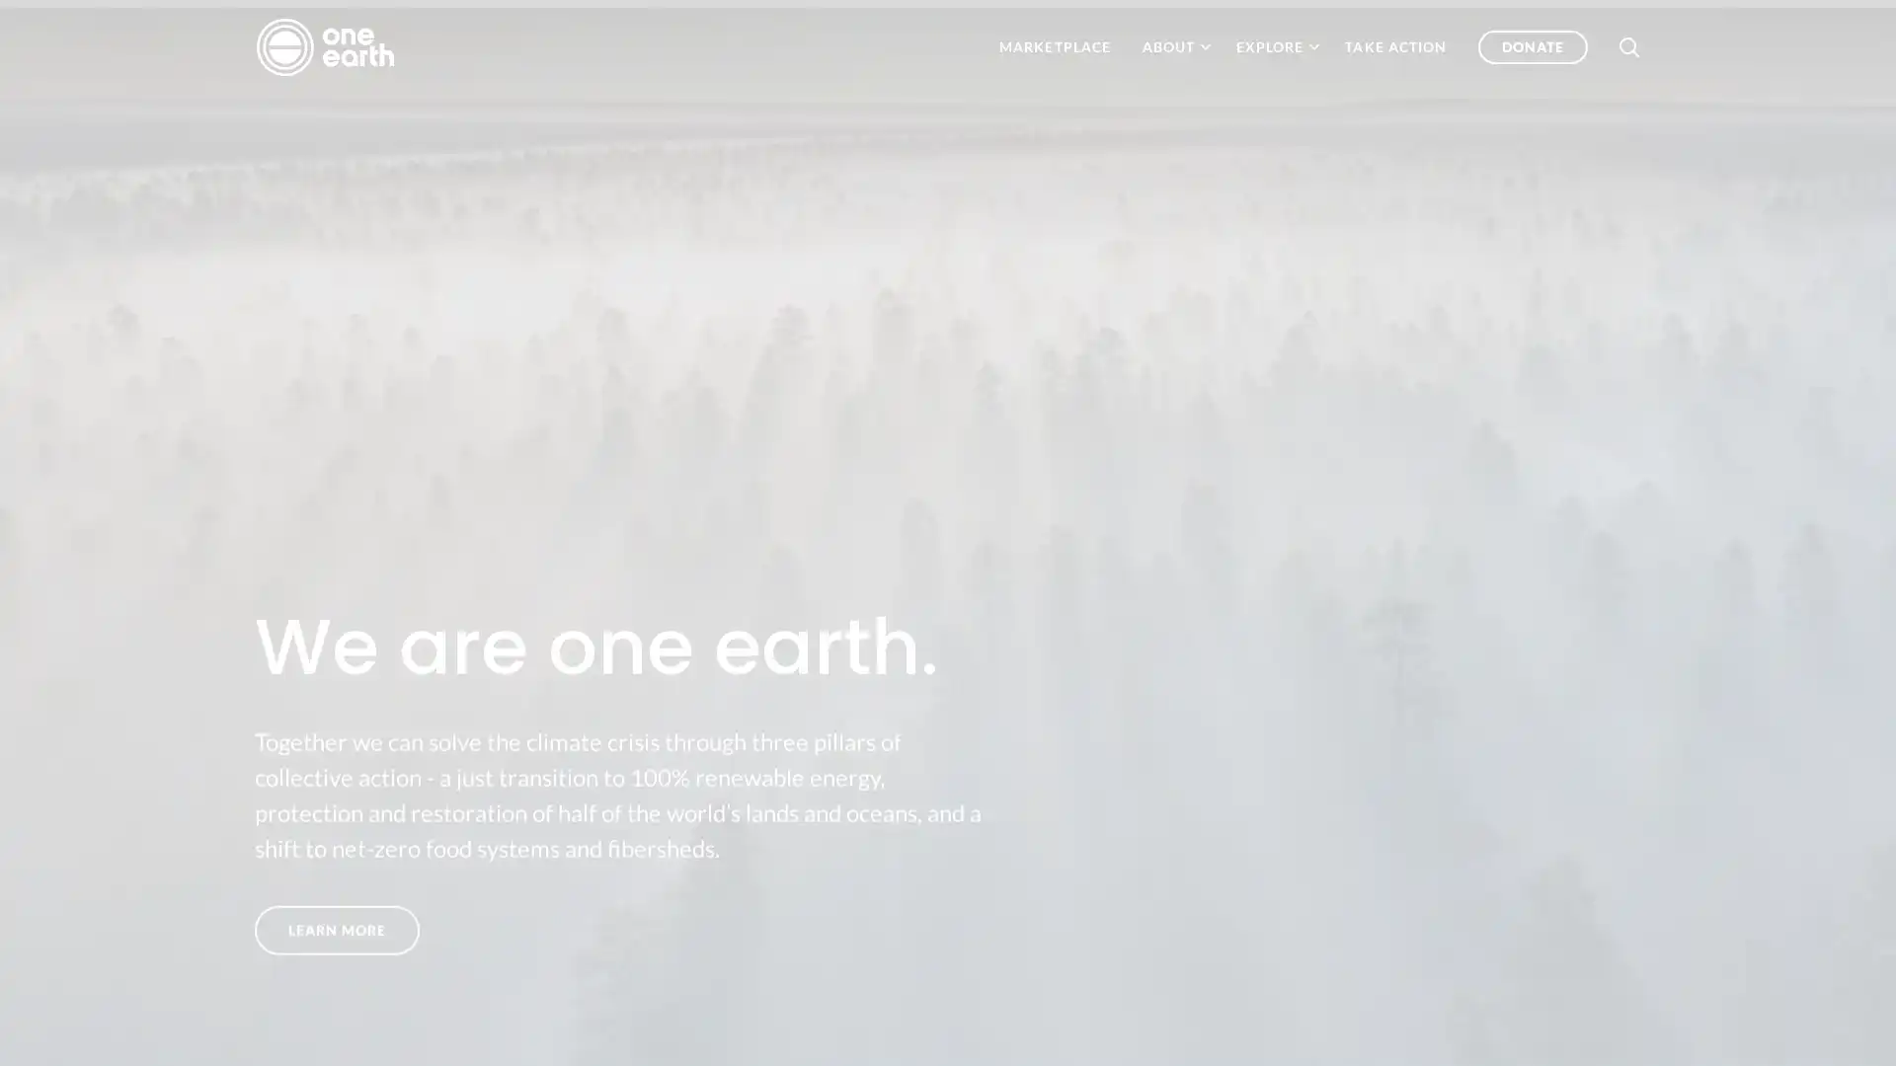  Describe the element at coordinates (1810, 1026) in the screenshot. I see `Accept All` at that location.